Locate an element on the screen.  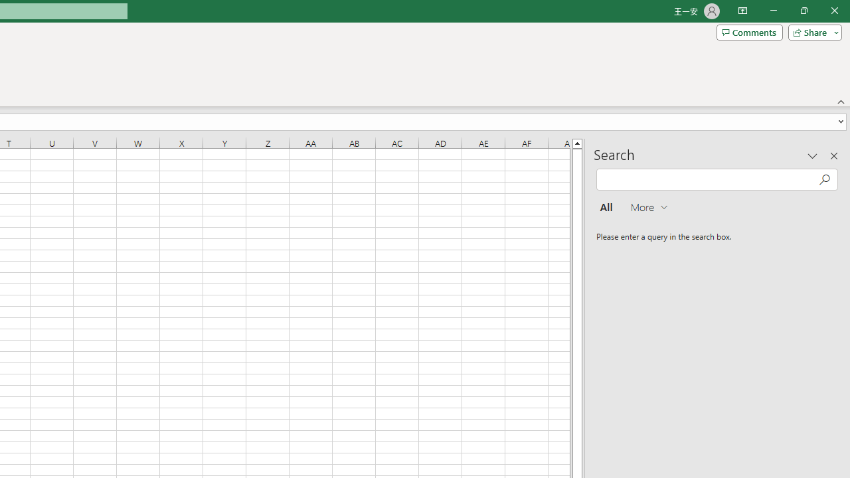
'Close pane' is located at coordinates (833, 155).